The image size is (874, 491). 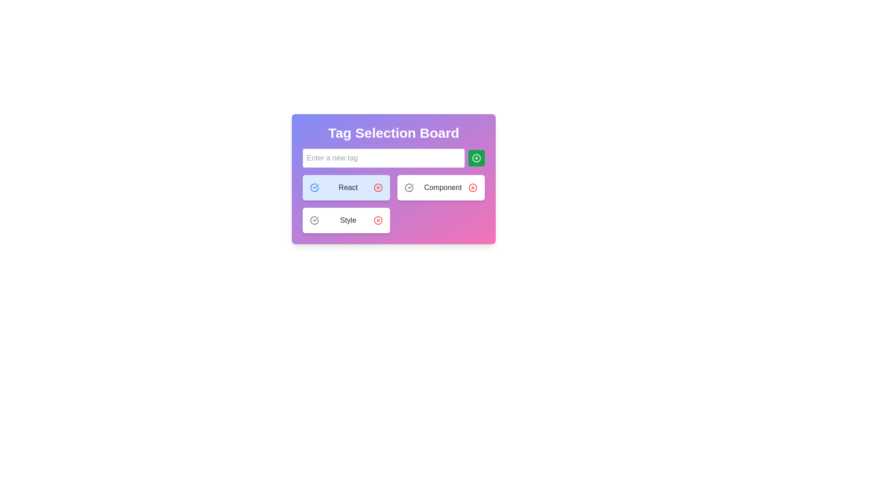 What do you see at coordinates (408, 187) in the screenshot?
I see `the checkmark icon within a circular outline, located to the left of the text 'Component'` at bounding box center [408, 187].